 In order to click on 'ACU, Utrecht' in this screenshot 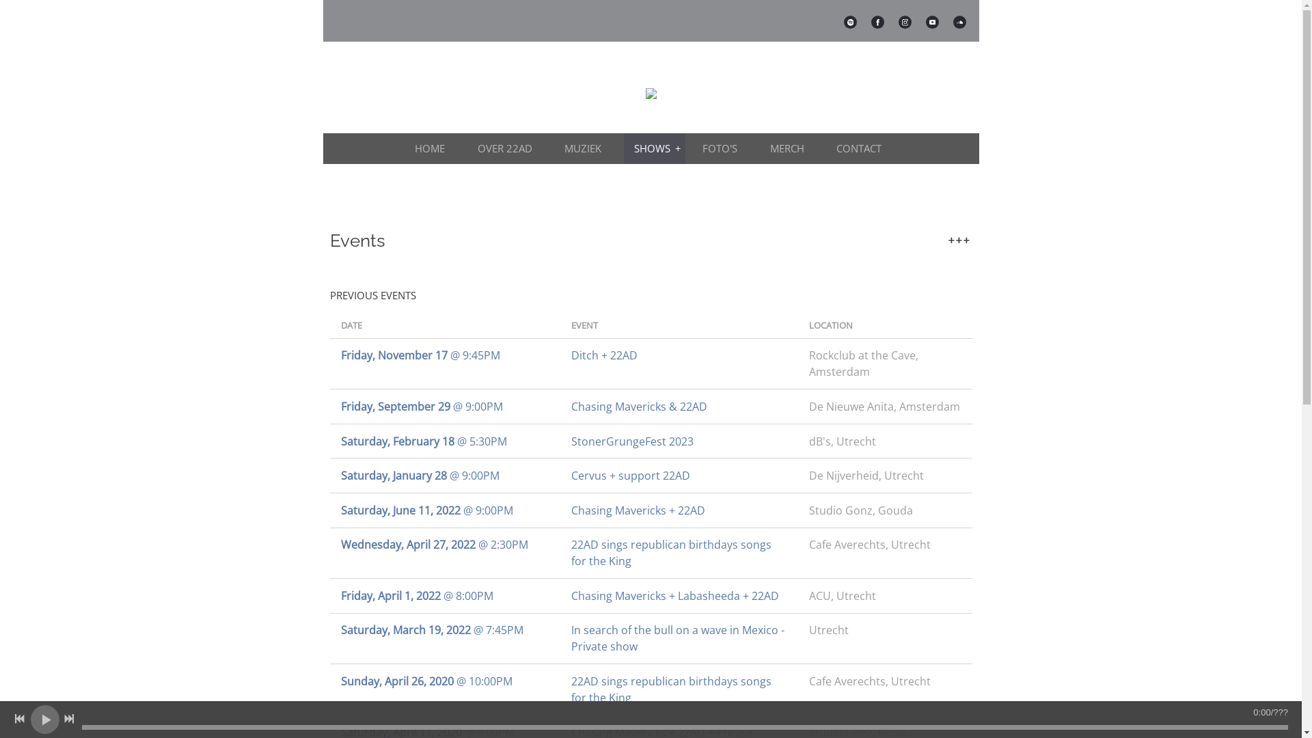, I will do `click(885, 594)`.